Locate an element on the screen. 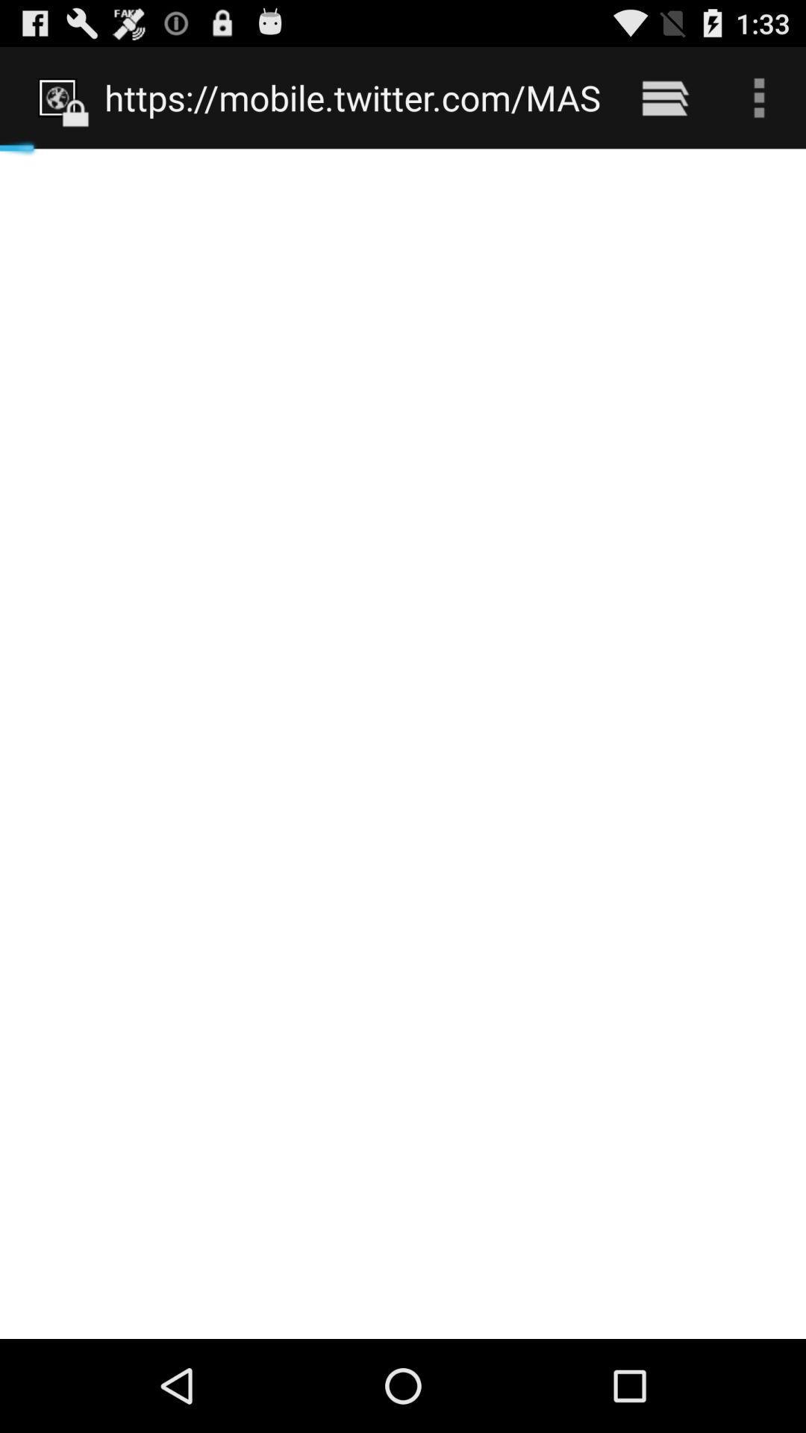 The width and height of the screenshot is (806, 1433). item next to https mobile twitter is located at coordinates (664, 97).